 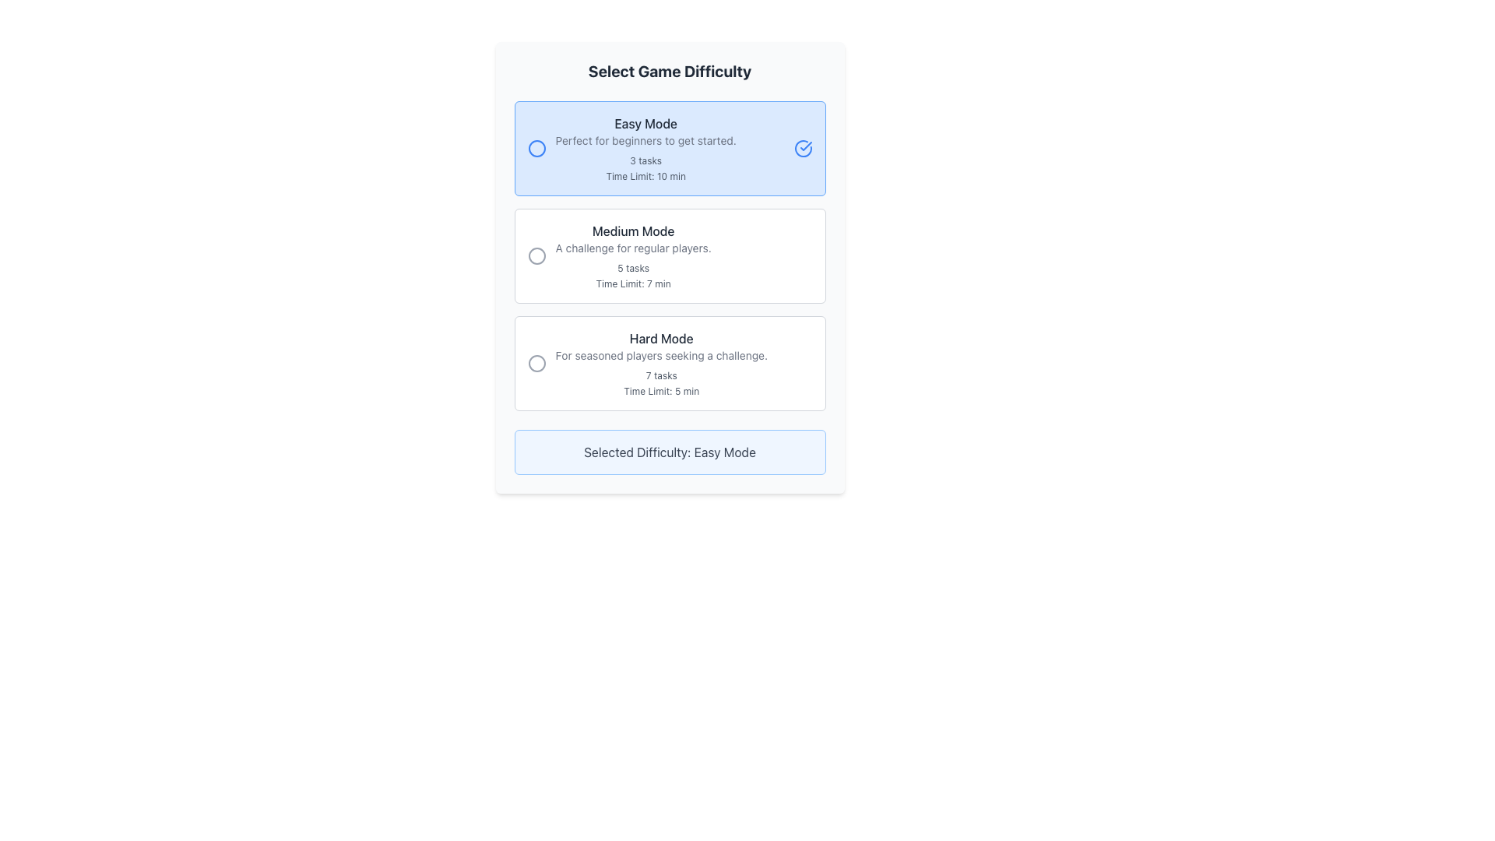 What do you see at coordinates (806, 146) in the screenshot?
I see `the selected state of the 'Easy Mode' option by clicking the indicator icon located at the far-right side of its blue background` at bounding box center [806, 146].